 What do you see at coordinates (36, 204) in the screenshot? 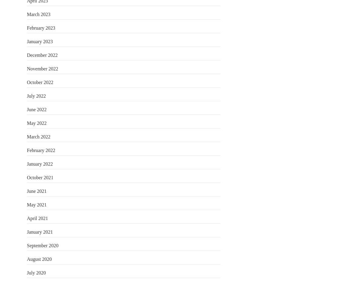
I see `'May 2021'` at bounding box center [36, 204].